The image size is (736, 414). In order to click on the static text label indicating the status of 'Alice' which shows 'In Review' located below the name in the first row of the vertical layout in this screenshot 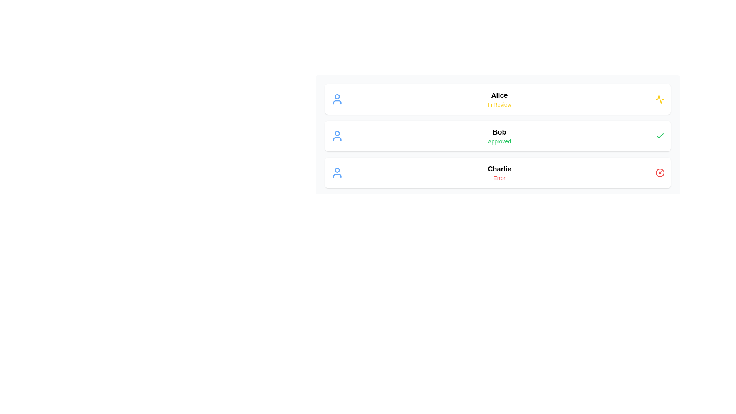, I will do `click(499, 105)`.